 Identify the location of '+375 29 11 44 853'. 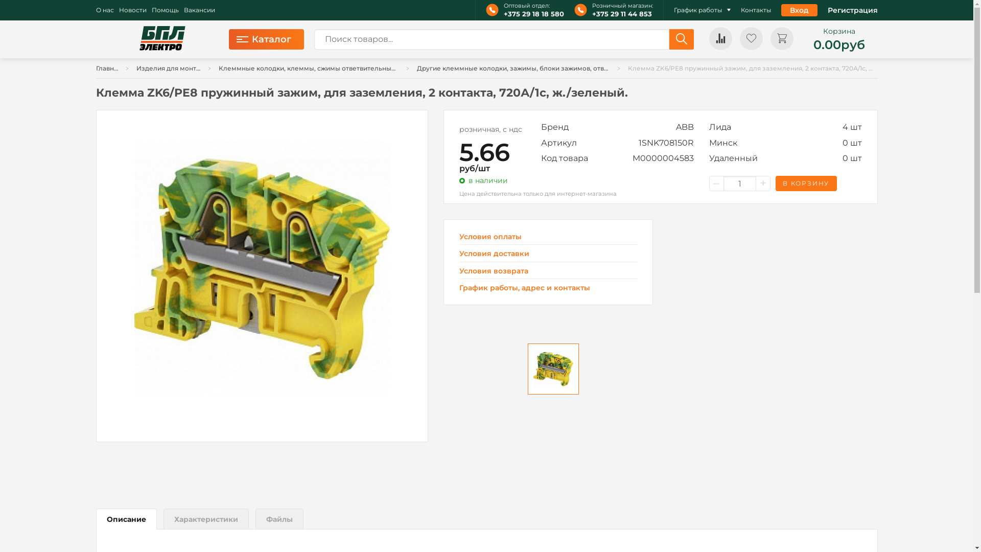
(591, 14).